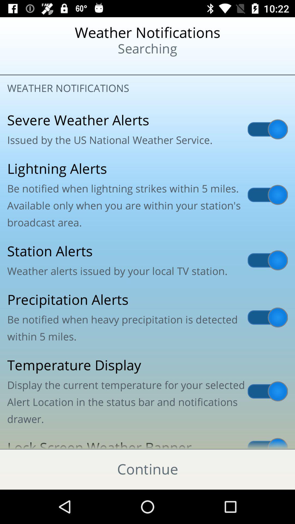 This screenshot has height=524, width=295. Describe the element at coordinates (36, 65) in the screenshot. I see `item at the top left corner` at that location.